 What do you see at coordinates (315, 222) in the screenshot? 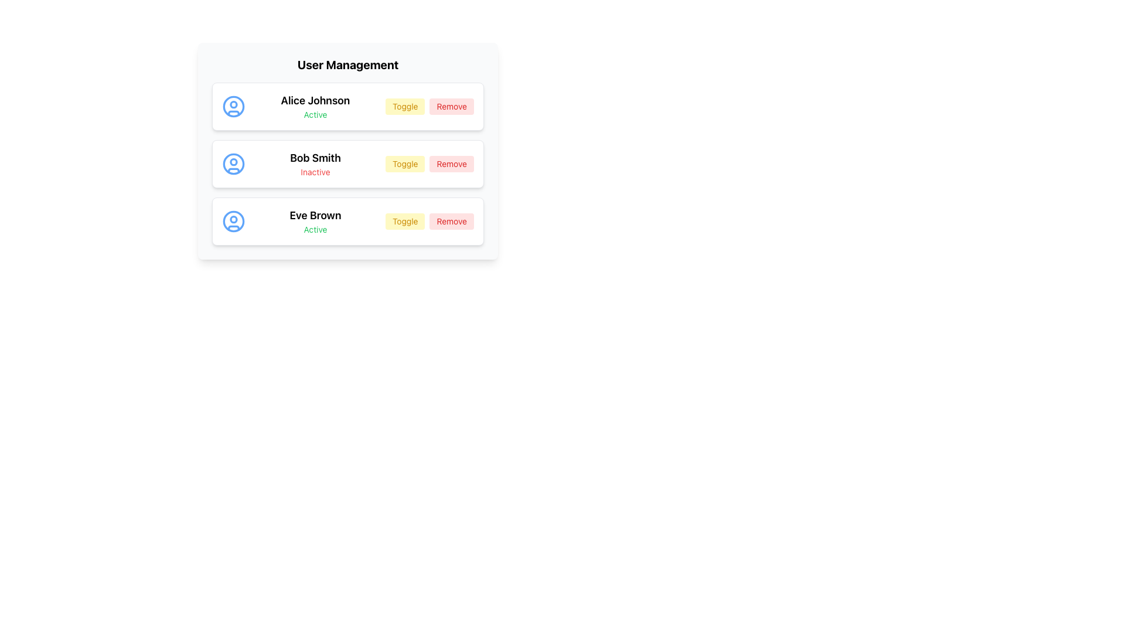
I see `the text display component that shows the user's name 'Eve Brown' and current status 'Active' in the third user card` at bounding box center [315, 222].